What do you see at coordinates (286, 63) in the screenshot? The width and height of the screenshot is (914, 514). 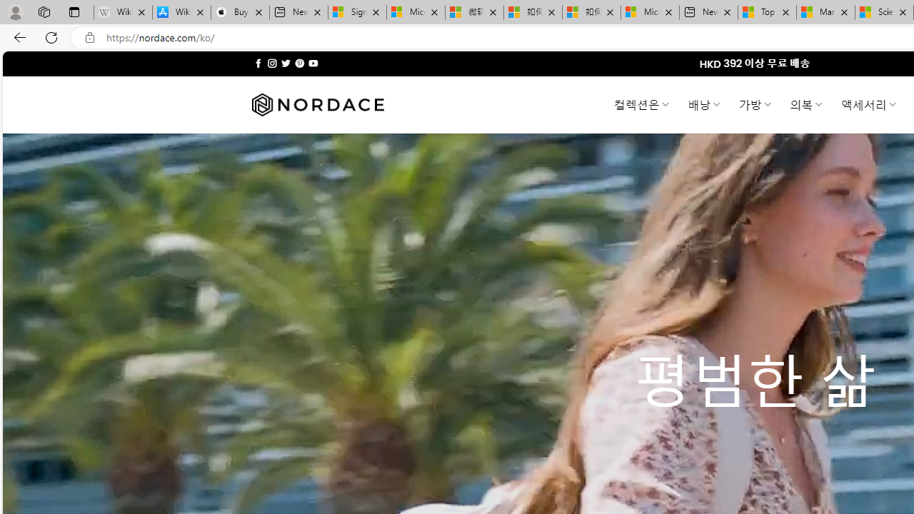 I see `'Follow on Twitter'` at bounding box center [286, 63].